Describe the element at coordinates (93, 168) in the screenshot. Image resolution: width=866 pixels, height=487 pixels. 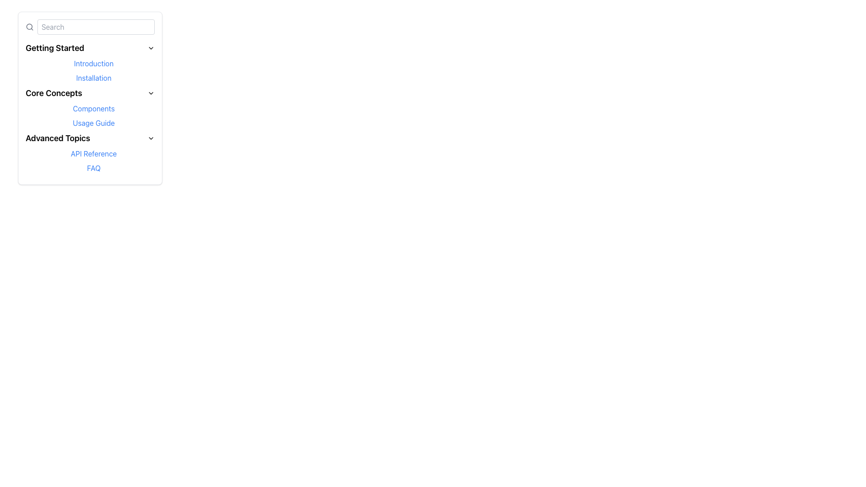
I see `the hyperlink that serves as a navigation link to the FAQ section, located beneath the 'Advanced Topics' section` at that location.